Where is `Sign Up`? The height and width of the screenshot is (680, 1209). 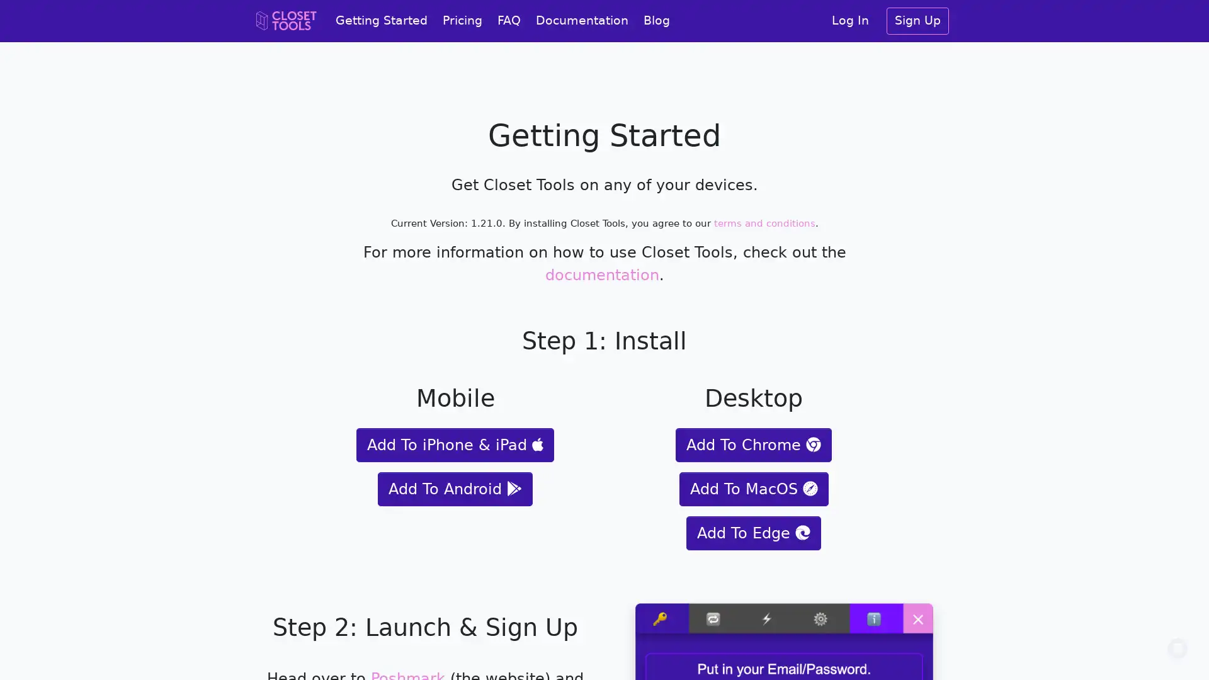 Sign Up is located at coordinates (917, 21).